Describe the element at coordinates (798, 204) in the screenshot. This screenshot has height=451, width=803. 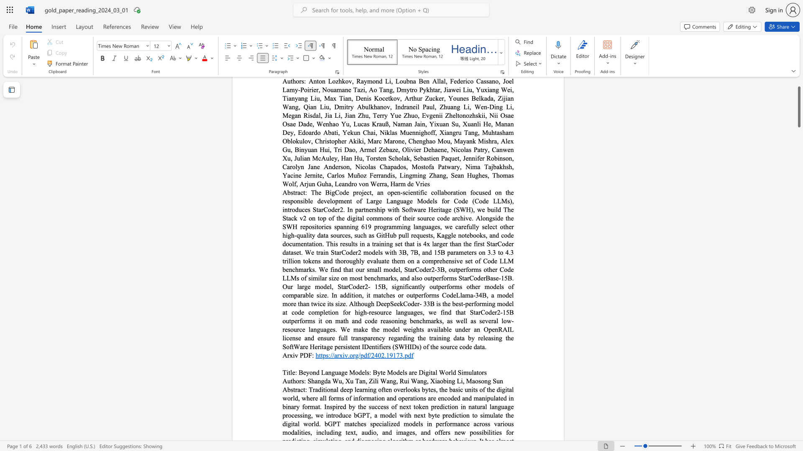
I see `the scrollbar to slide the page down` at that location.